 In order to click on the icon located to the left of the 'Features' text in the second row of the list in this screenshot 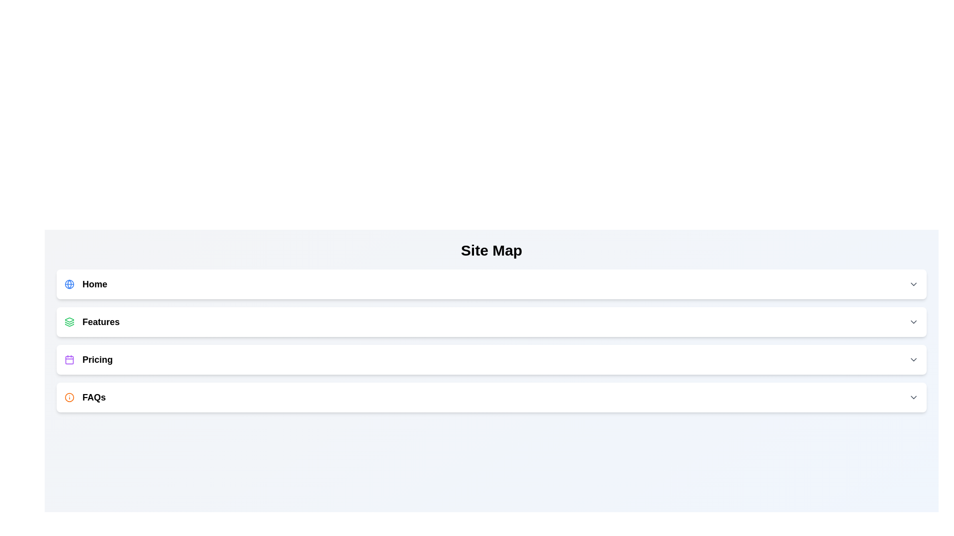, I will do `click(69, 322)`.